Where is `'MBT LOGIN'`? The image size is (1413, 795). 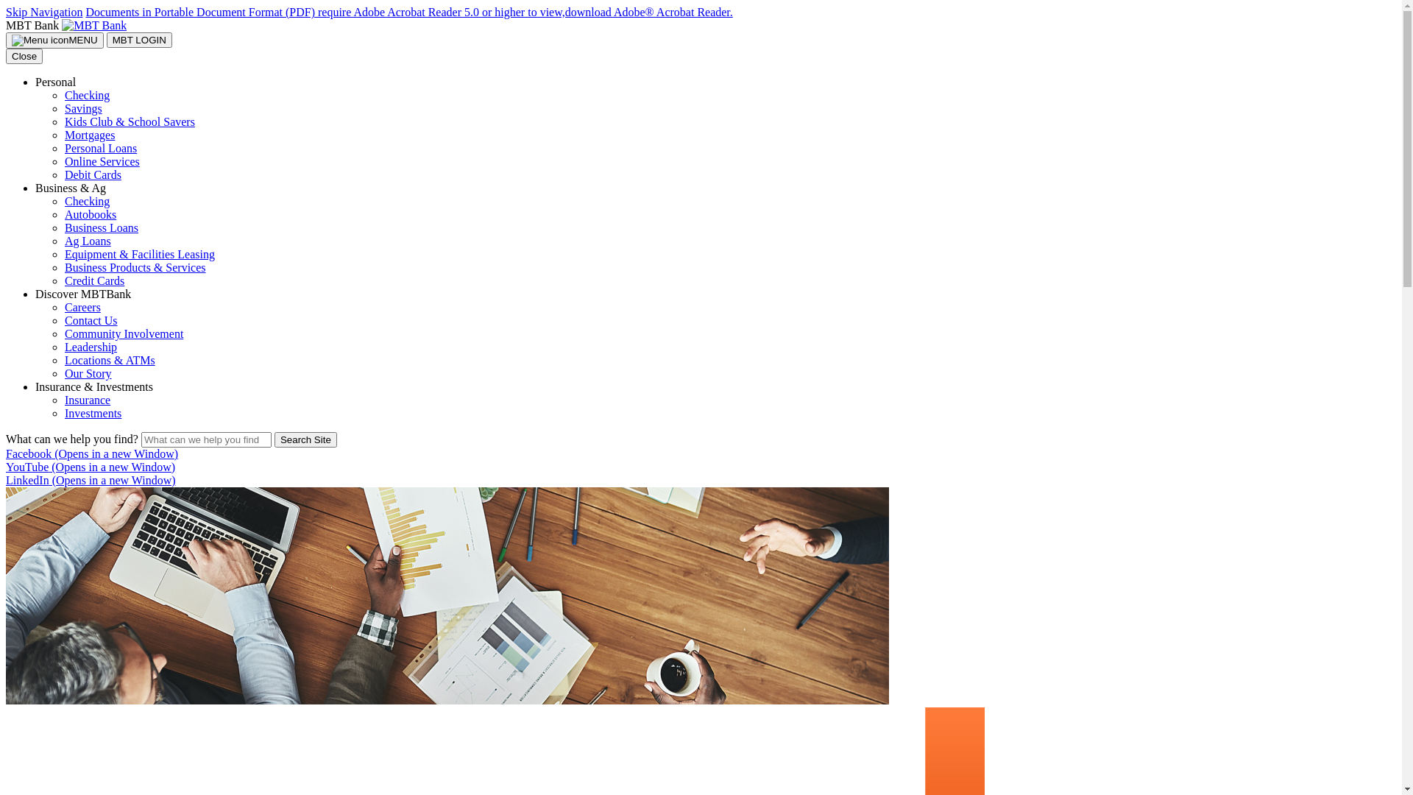 'MBT LOGIN' is located at coordinates (139, 39).